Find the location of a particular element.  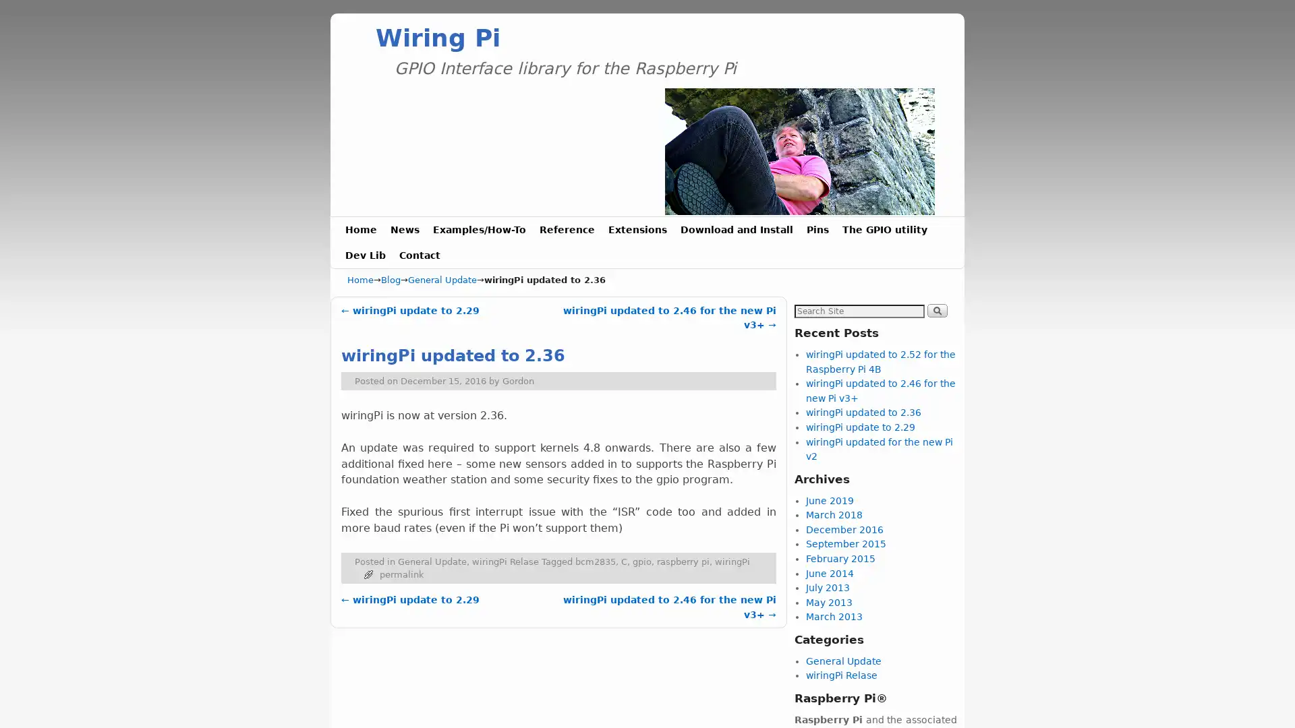

Search is located at coordinates (936, 309).